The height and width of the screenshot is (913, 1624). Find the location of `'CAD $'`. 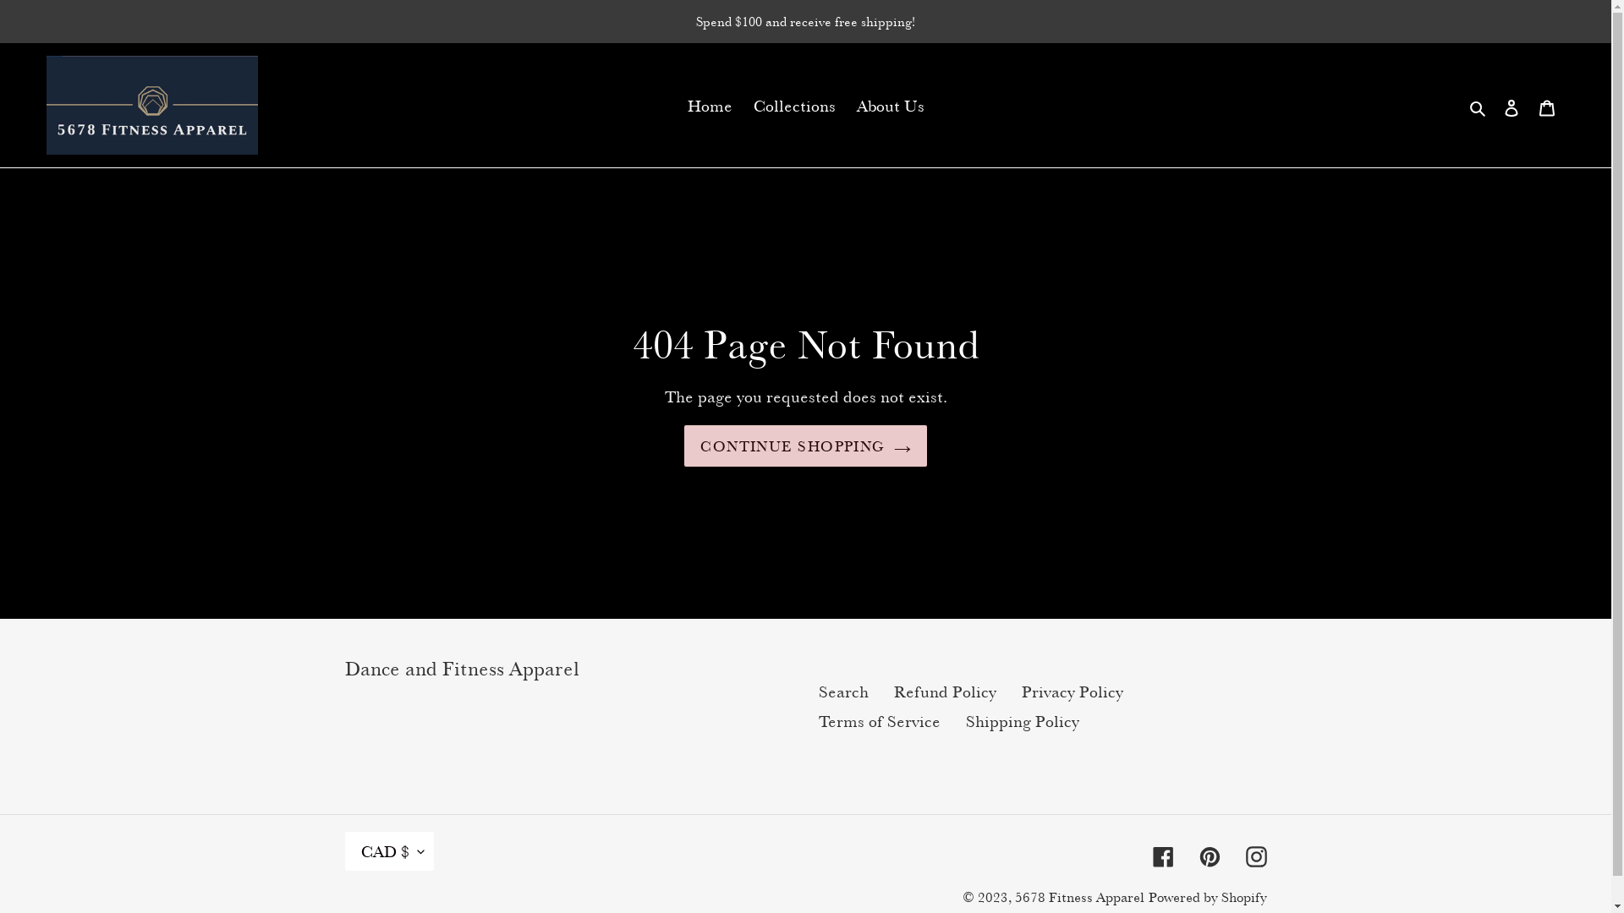

'CAD $' is located at coordinates (388, 851).